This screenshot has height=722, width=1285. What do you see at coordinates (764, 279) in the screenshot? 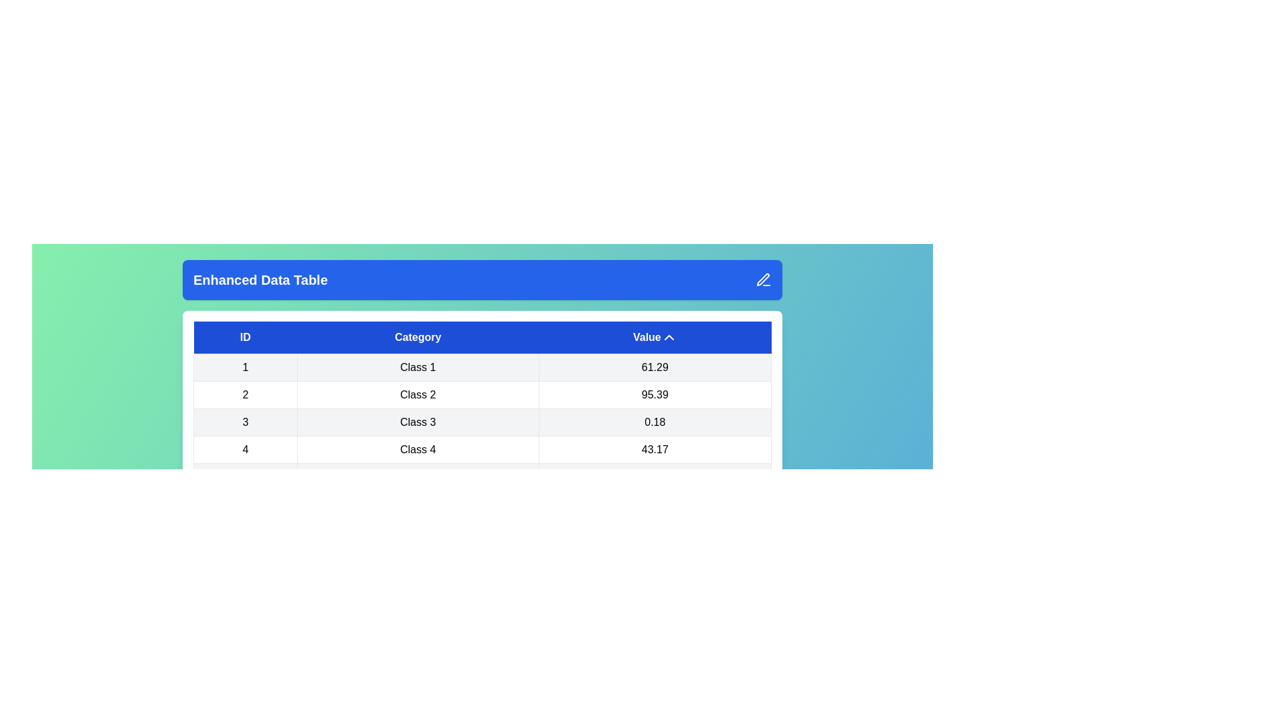
I see `the edit icon to display any associated tooltip or effect` at bounding box center [764, 279].